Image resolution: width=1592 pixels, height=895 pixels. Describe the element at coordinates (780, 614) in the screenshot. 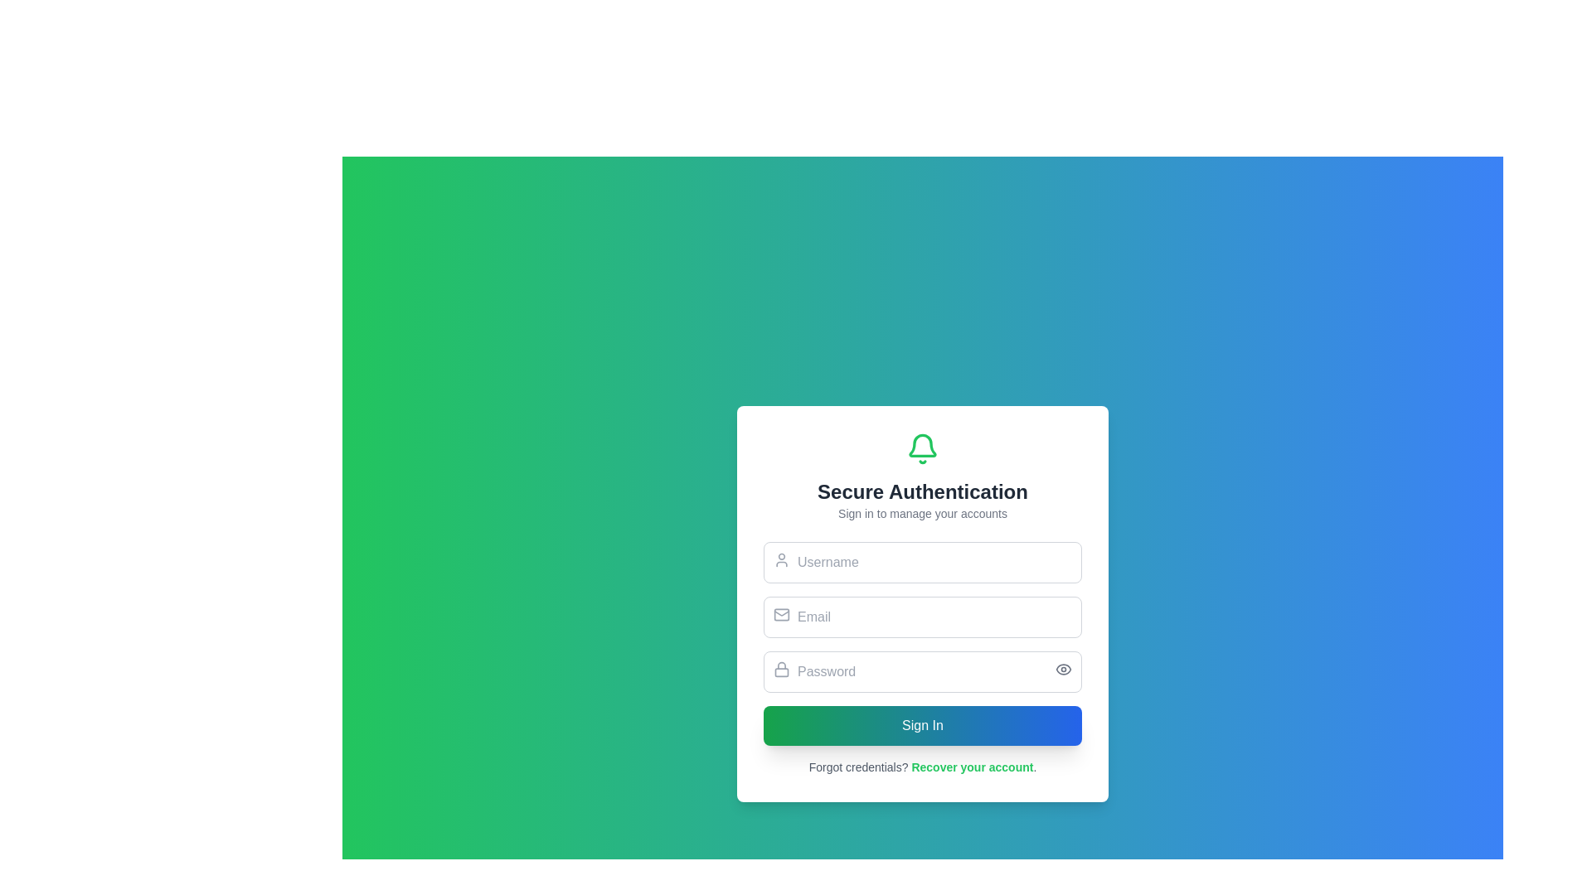

I see `the mail icon which is a minimalistic envelope shape outlined in gray, located inside the email input field to the left edge` at that location.